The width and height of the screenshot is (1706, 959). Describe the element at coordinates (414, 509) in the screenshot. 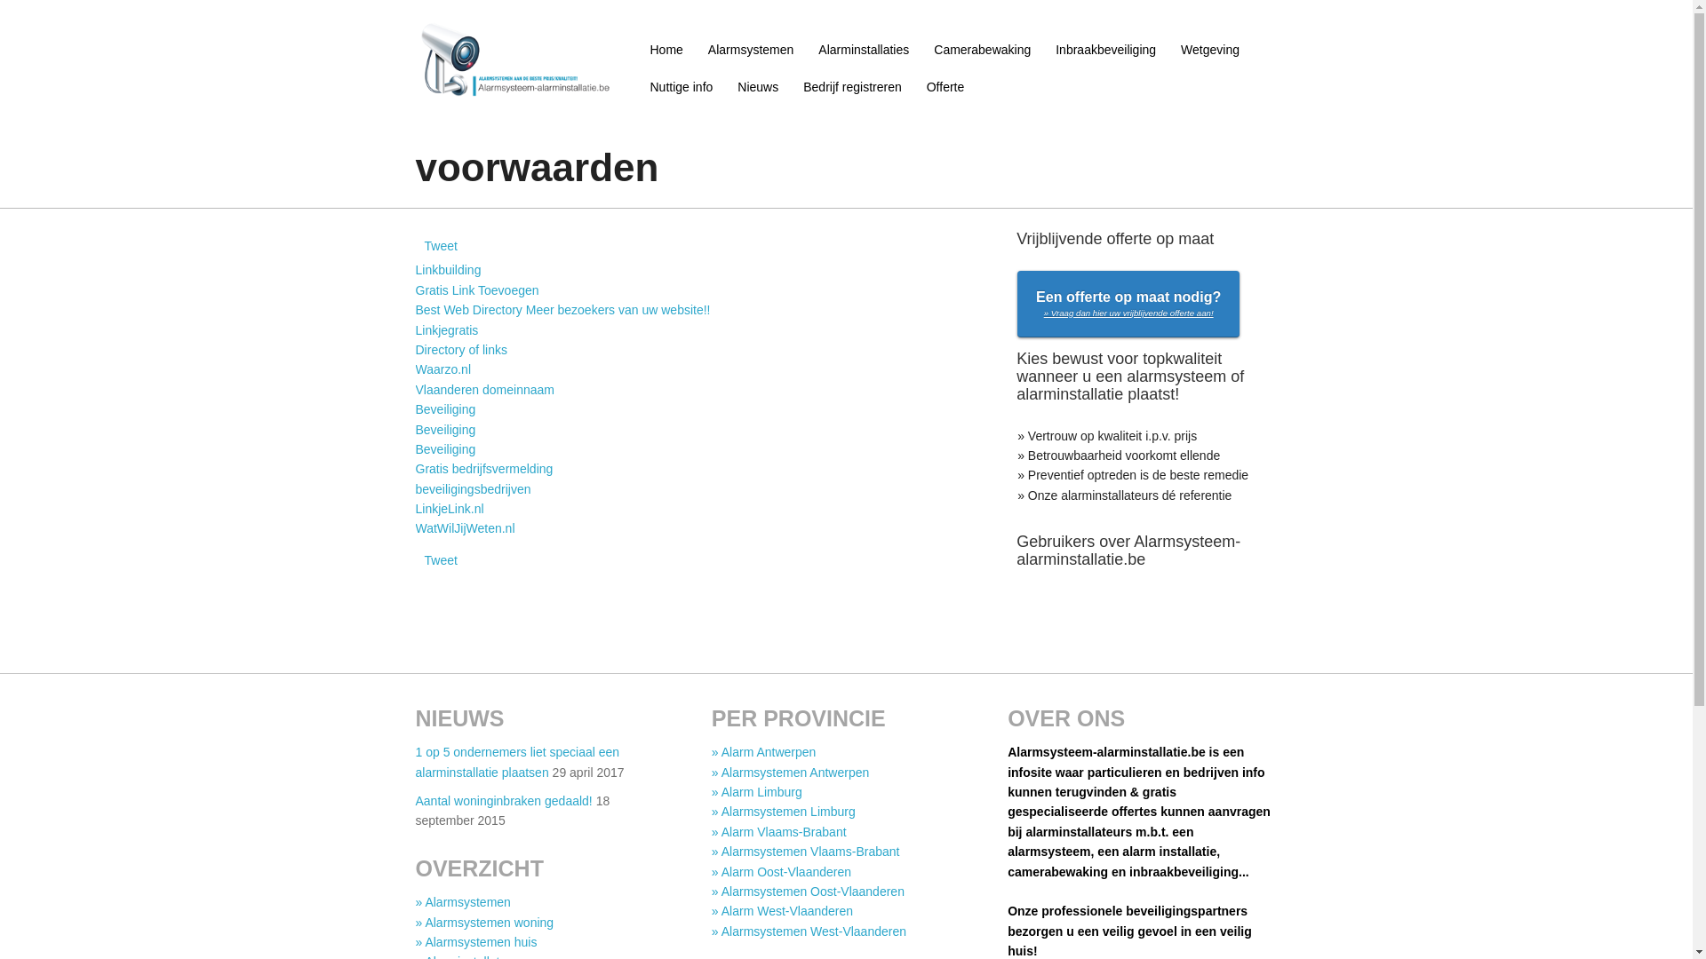

I see `'LinkjeLink.nl'` at that location.